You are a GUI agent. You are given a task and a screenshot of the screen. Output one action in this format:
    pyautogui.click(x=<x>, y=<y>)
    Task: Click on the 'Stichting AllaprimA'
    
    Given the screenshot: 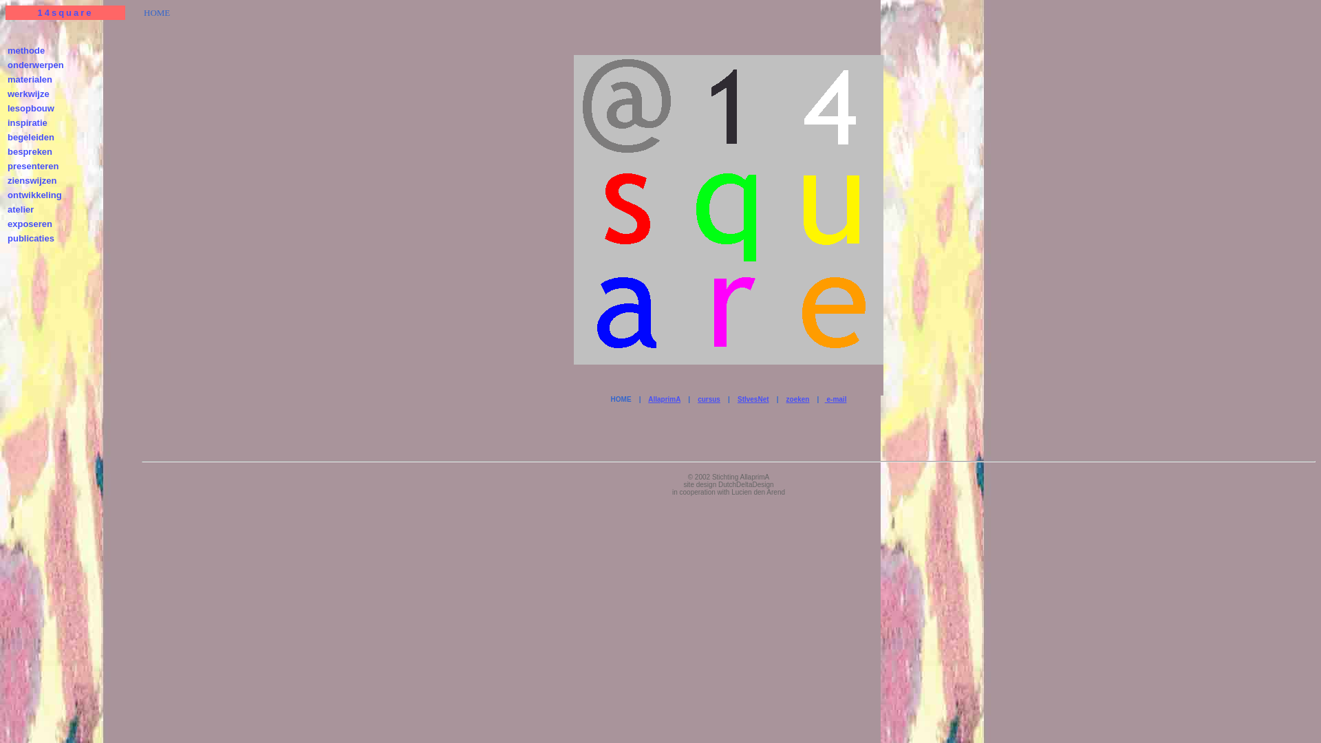 What is the action you would take?
    pyautogui.click(x=712, y=476)
    